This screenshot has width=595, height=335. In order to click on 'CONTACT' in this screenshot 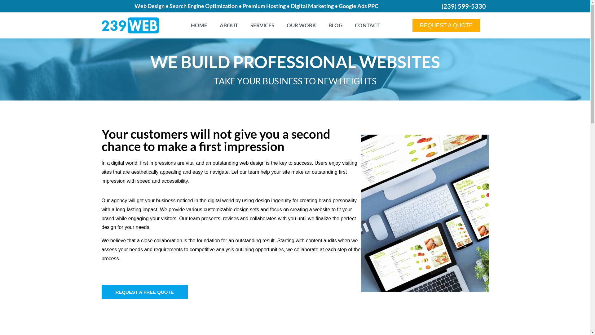, I will do `click(367, 25)`.